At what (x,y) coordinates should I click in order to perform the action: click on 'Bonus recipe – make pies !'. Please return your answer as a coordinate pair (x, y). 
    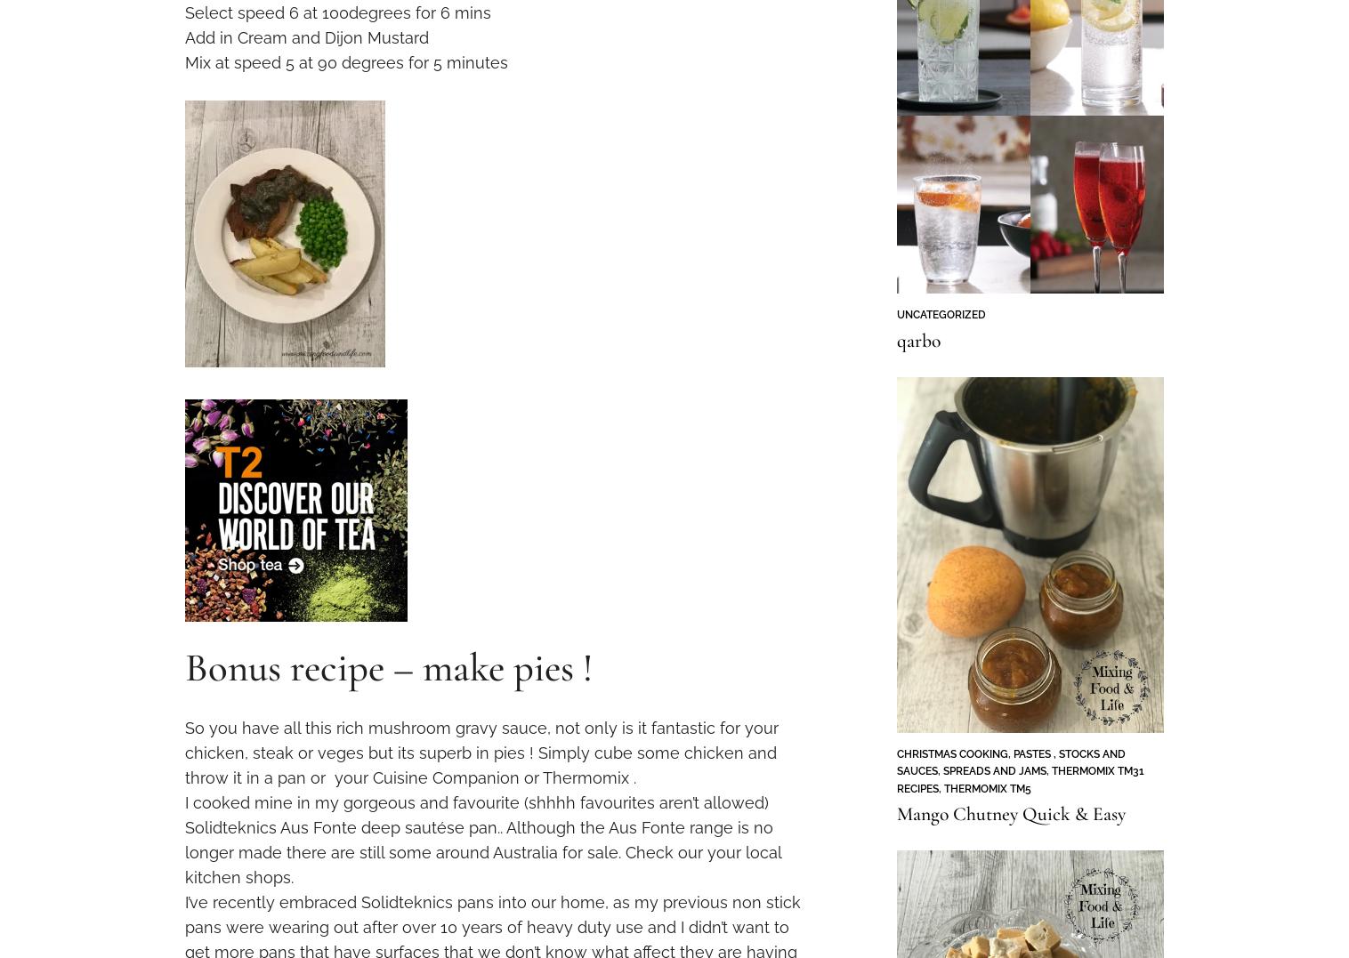
    Looking at the image, I should click on (388, 666).